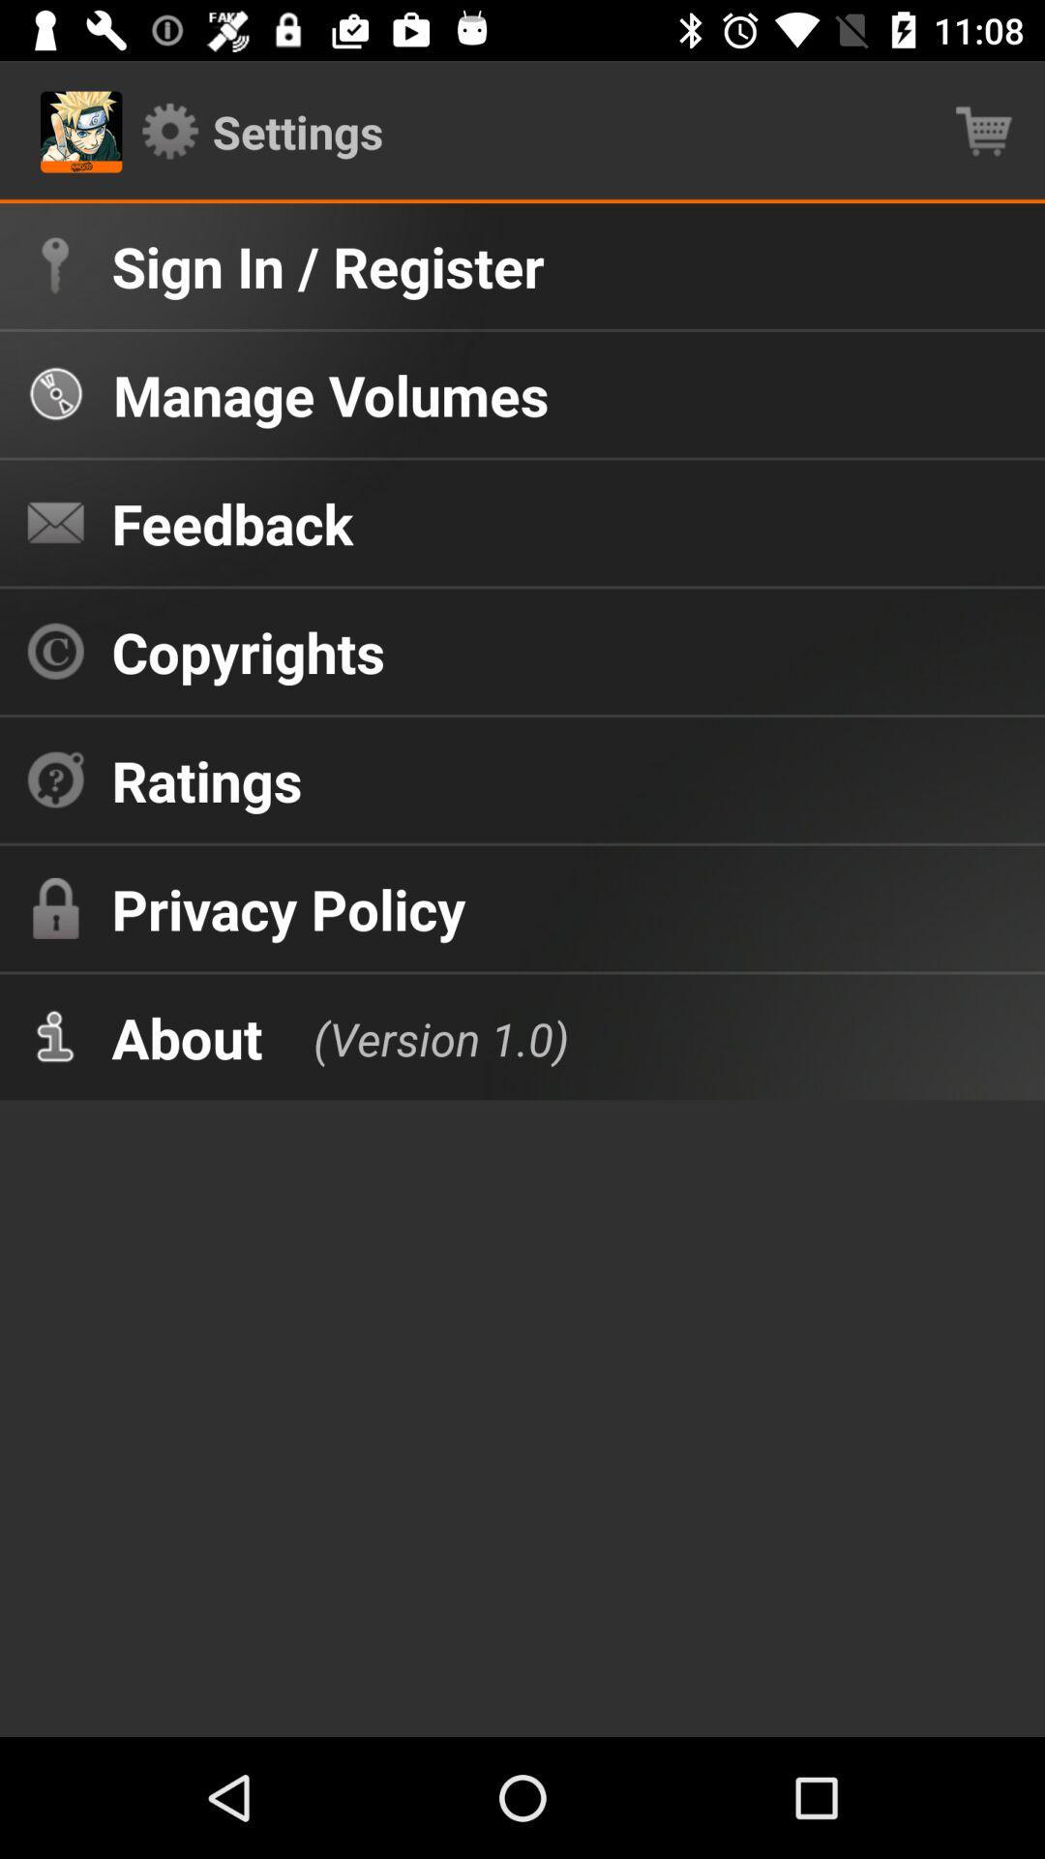  I want to click on icon below the sign in / register, so click(330, 393).